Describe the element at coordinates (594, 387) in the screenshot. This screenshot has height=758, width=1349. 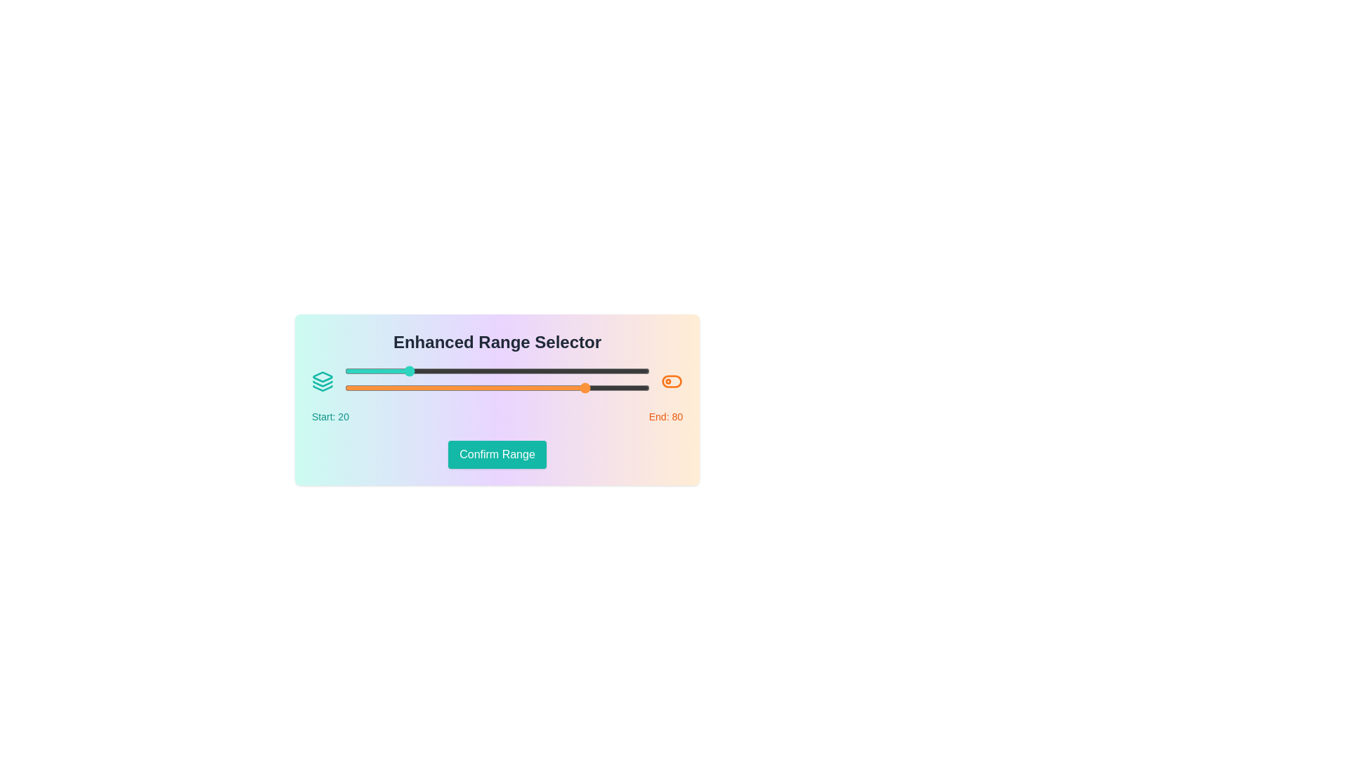
I see `the slider value` at that location.